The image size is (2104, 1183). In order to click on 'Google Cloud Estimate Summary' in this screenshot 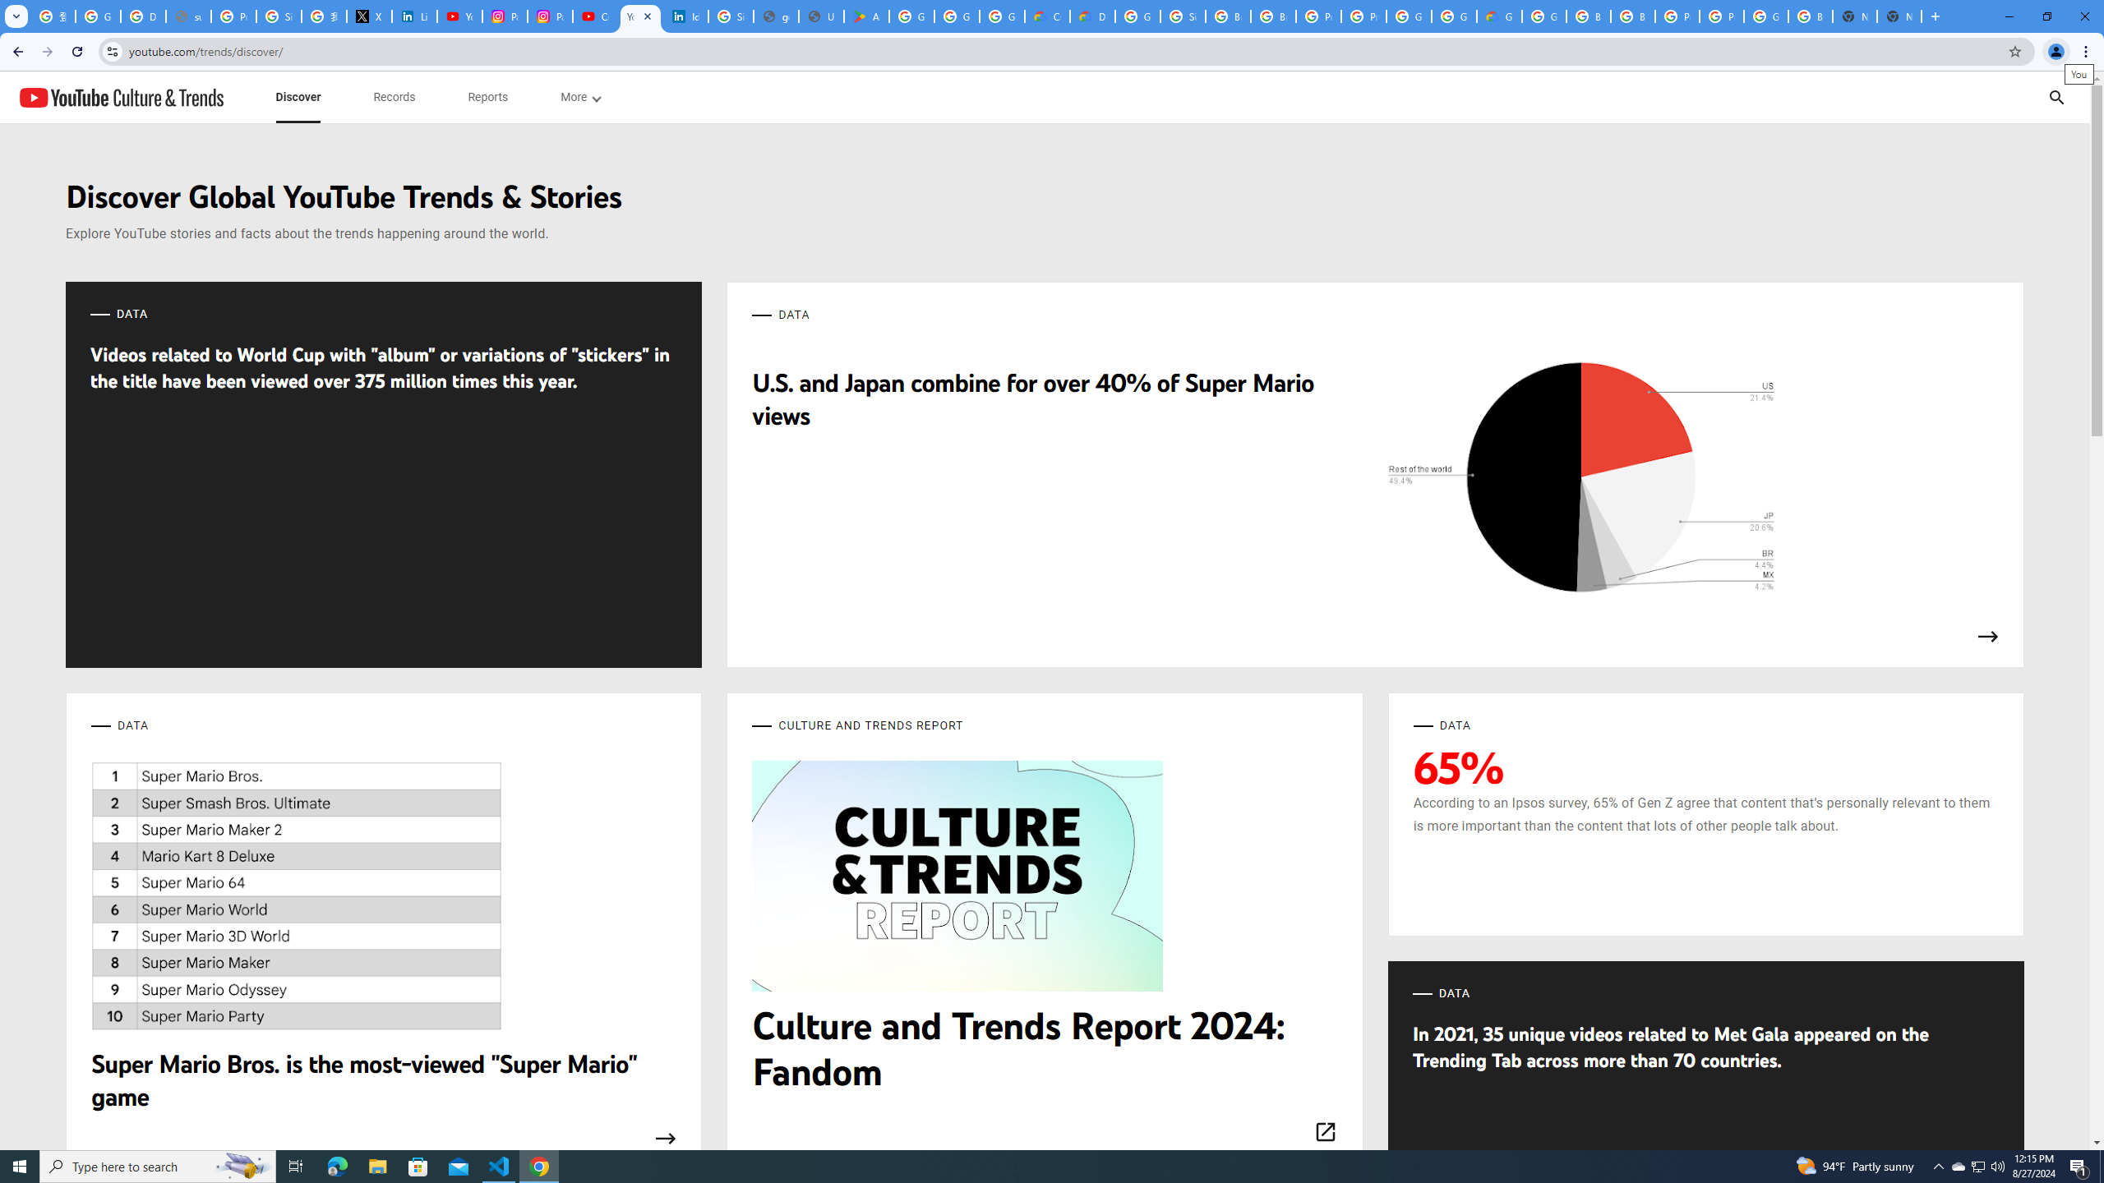, I will do `click(1498, 16)`.